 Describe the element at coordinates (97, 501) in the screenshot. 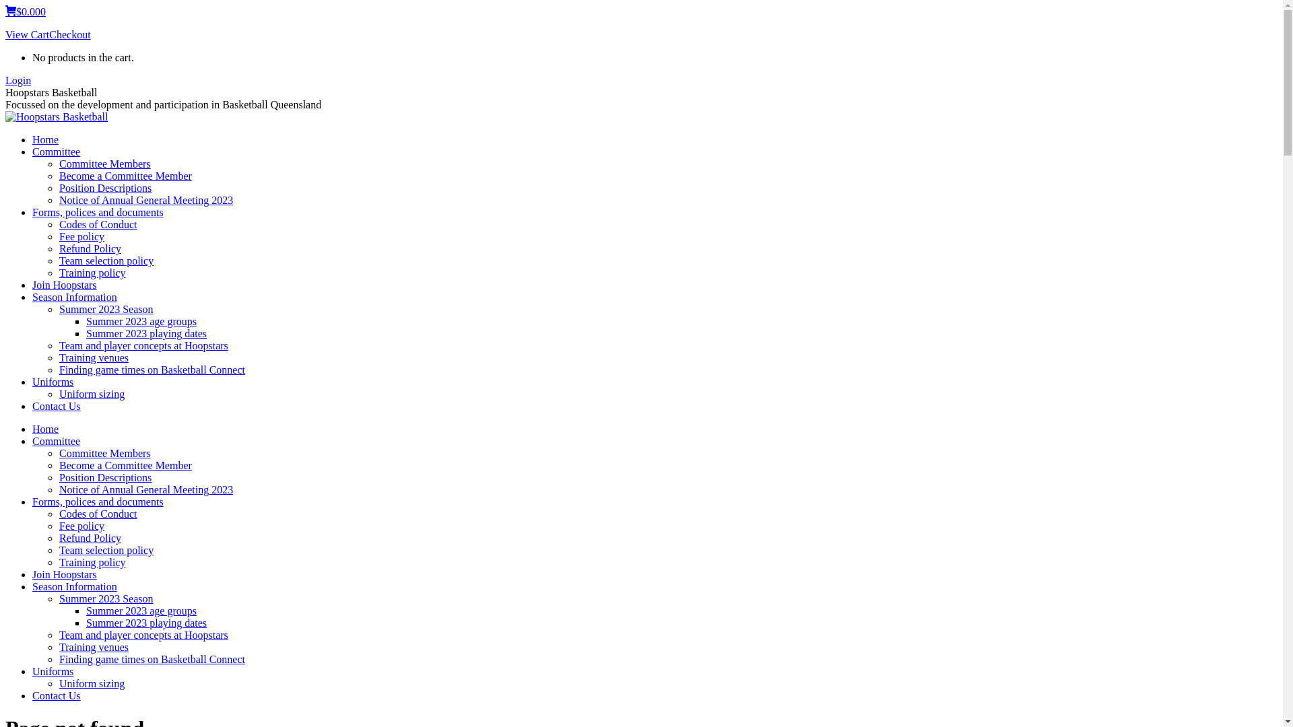

I see `'Forms, polices and documents'` at that location.